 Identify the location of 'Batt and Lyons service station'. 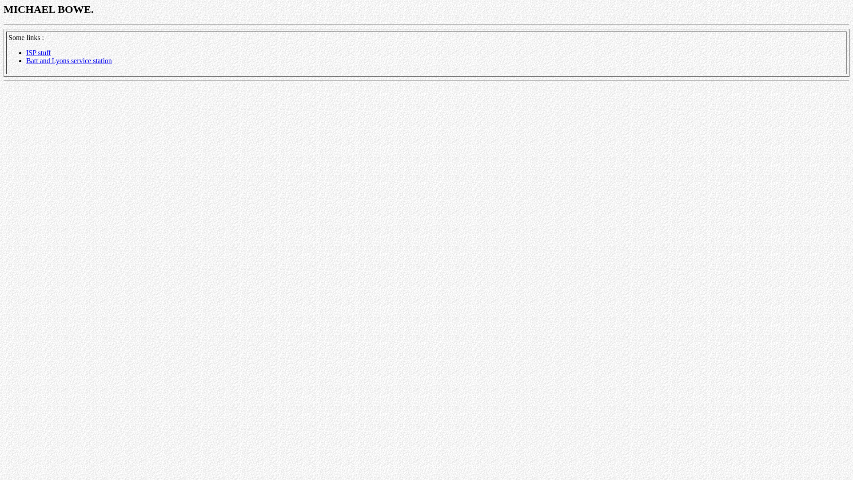
(26, 60).